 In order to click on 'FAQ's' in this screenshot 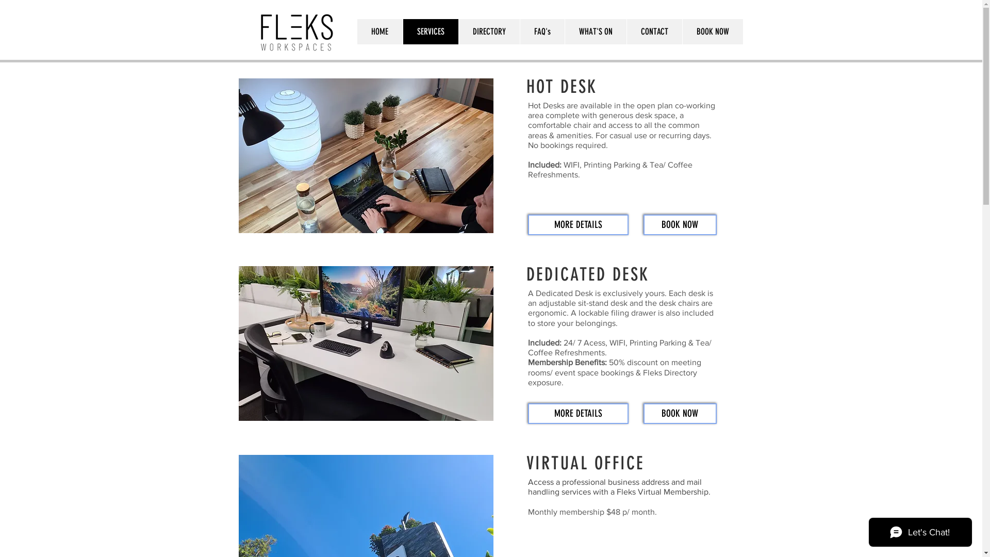, I will do `click(541, 31)`.